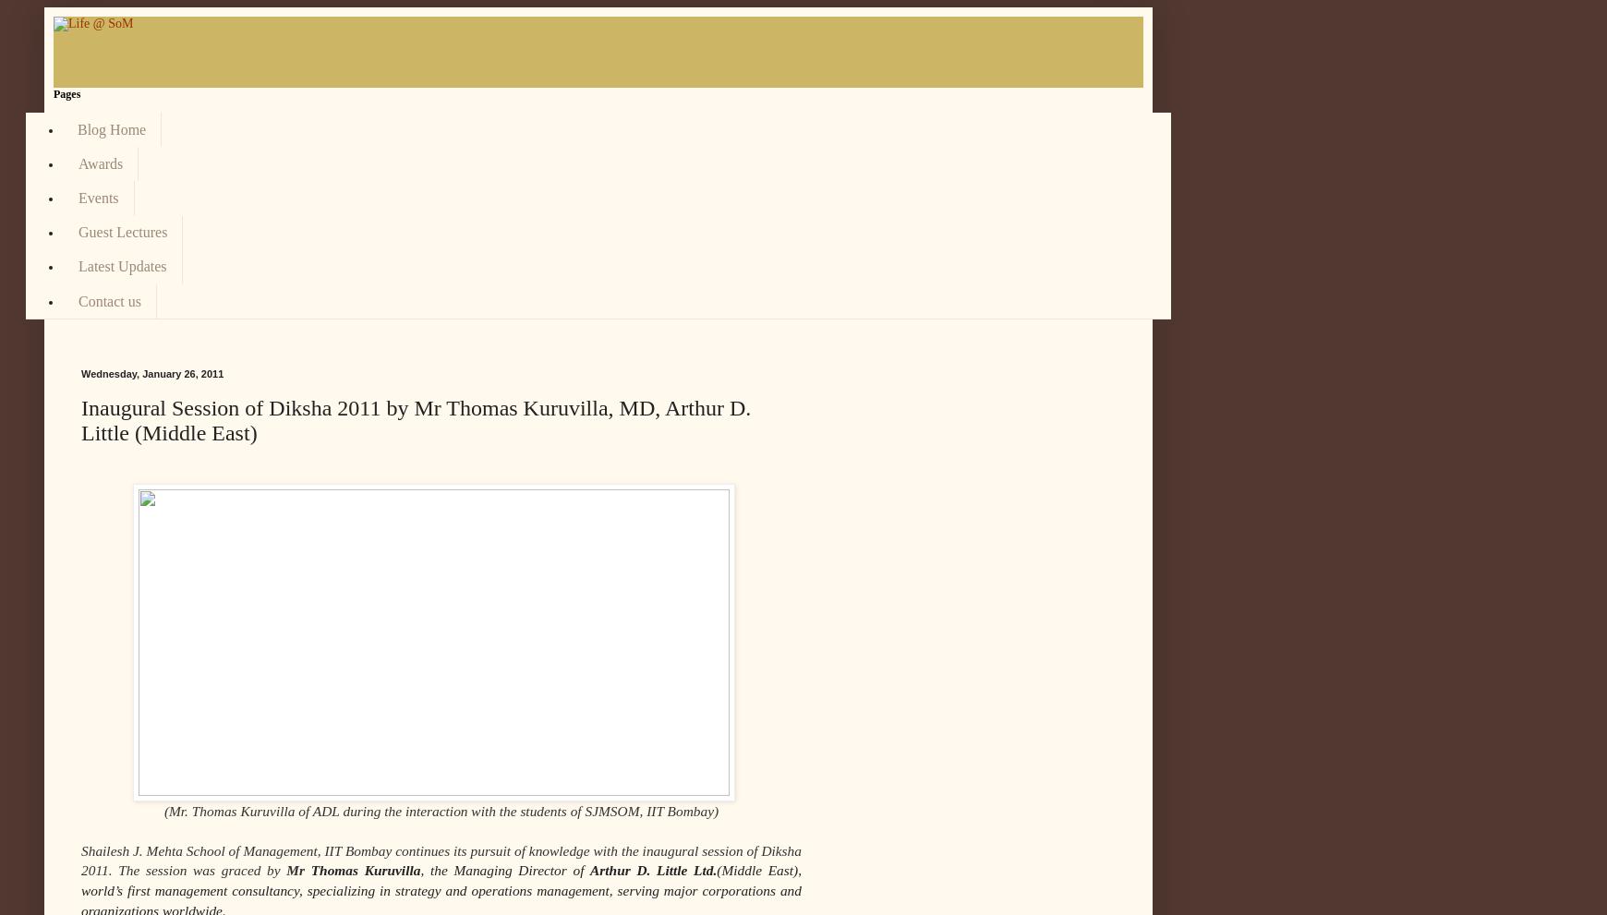 Image resolution: width=1607 pixels, height=915 pixels. Describe the element at coordinates (415, 419) in the screenshot. I see `'Inaugural Session of Diksha 2011 by Mr Thomas Kuruvilla, MD, Arthur D. Little (Middle East)'` at that location.